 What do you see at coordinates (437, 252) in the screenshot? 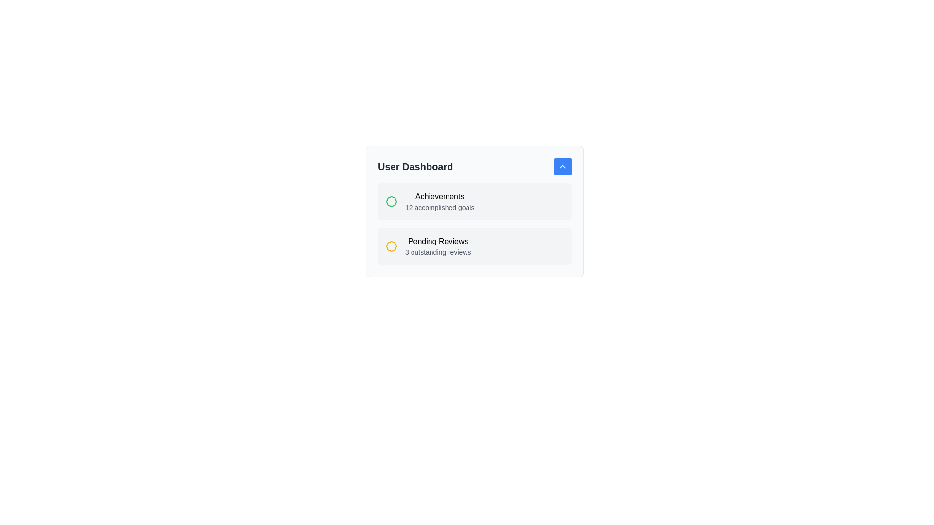
I see `the text label reading '3 outstanding reviews.' located under the title 'Pending Reviews' to prompt any associated tooltip` at bounding box center [437, 252].